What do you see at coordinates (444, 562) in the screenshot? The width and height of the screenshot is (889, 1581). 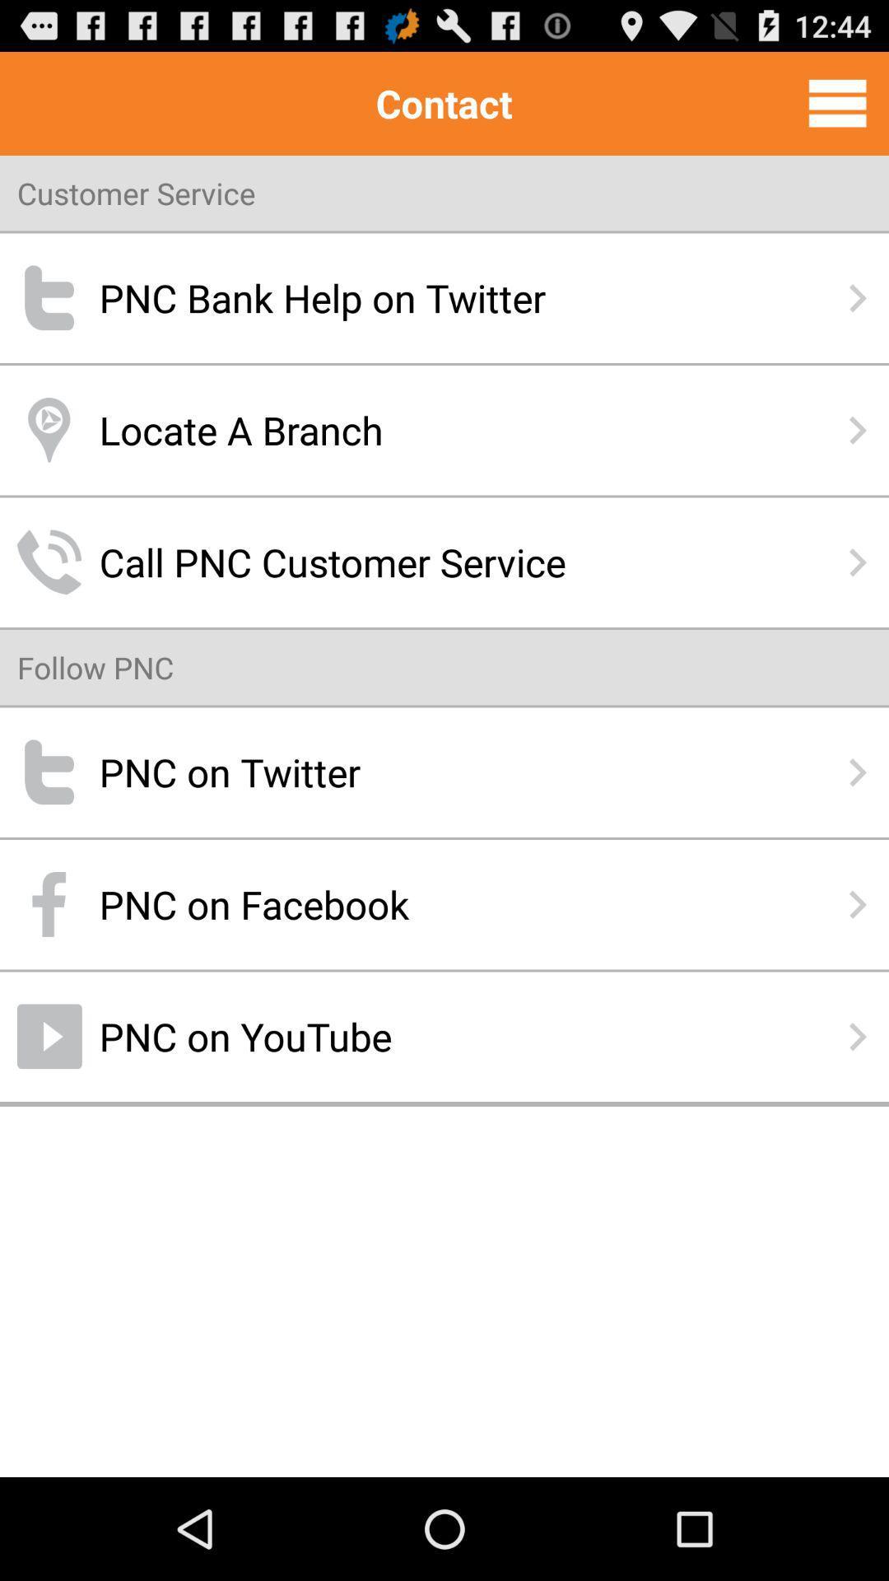 I see `icon below locate a branch icon` at bounding box center [444, 562].